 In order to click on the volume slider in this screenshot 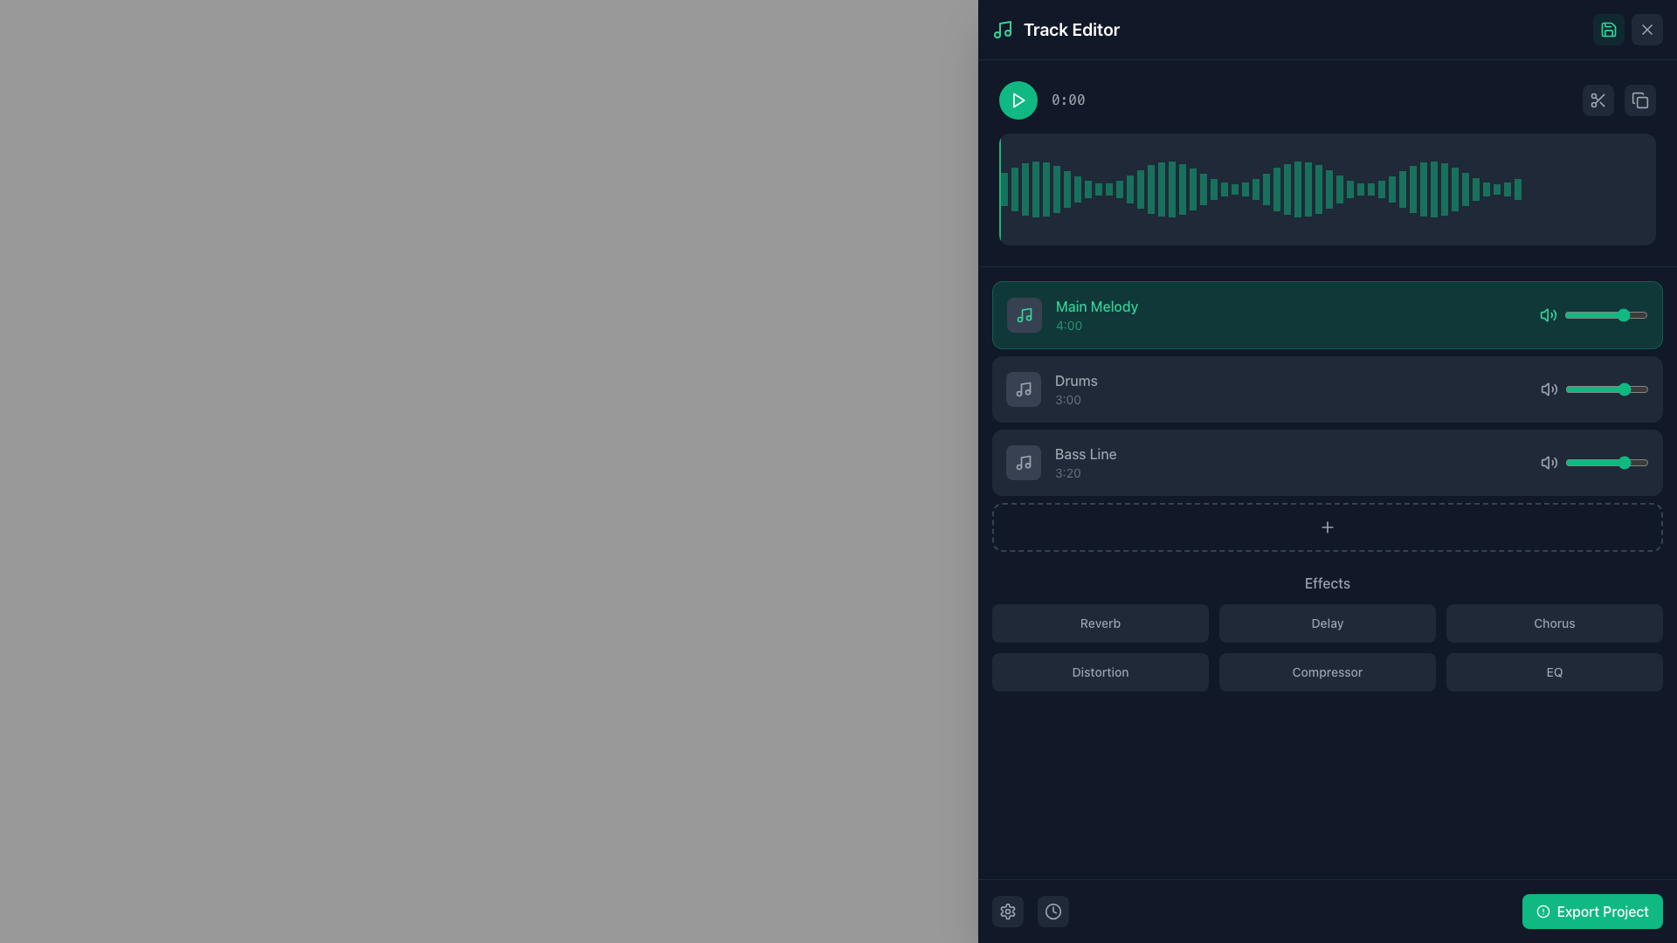, I will do `click(1646, 461)`.